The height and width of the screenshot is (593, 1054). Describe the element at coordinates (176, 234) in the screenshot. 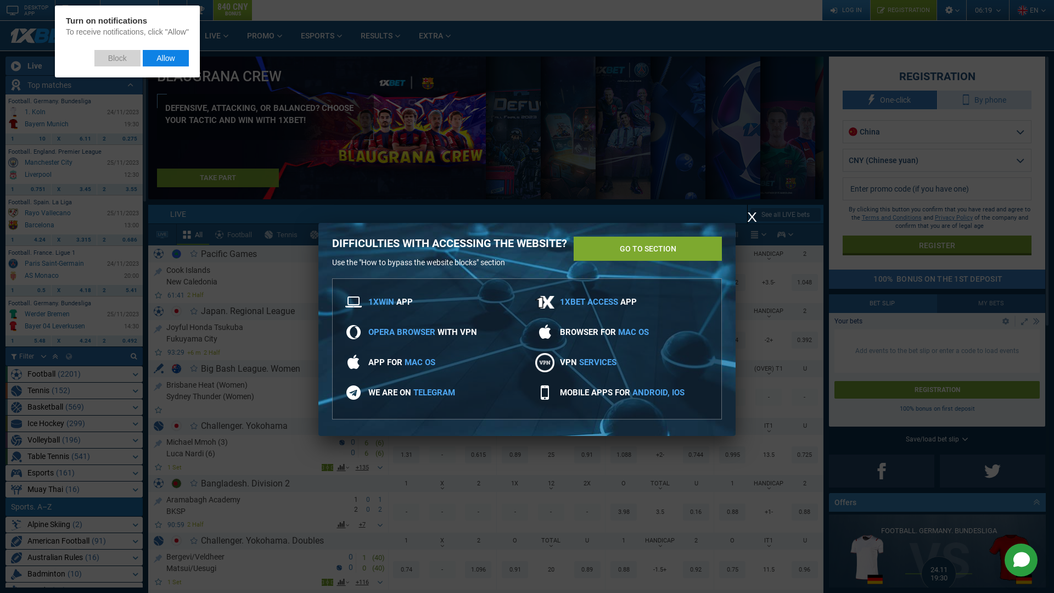

I see `'All'` at that location.